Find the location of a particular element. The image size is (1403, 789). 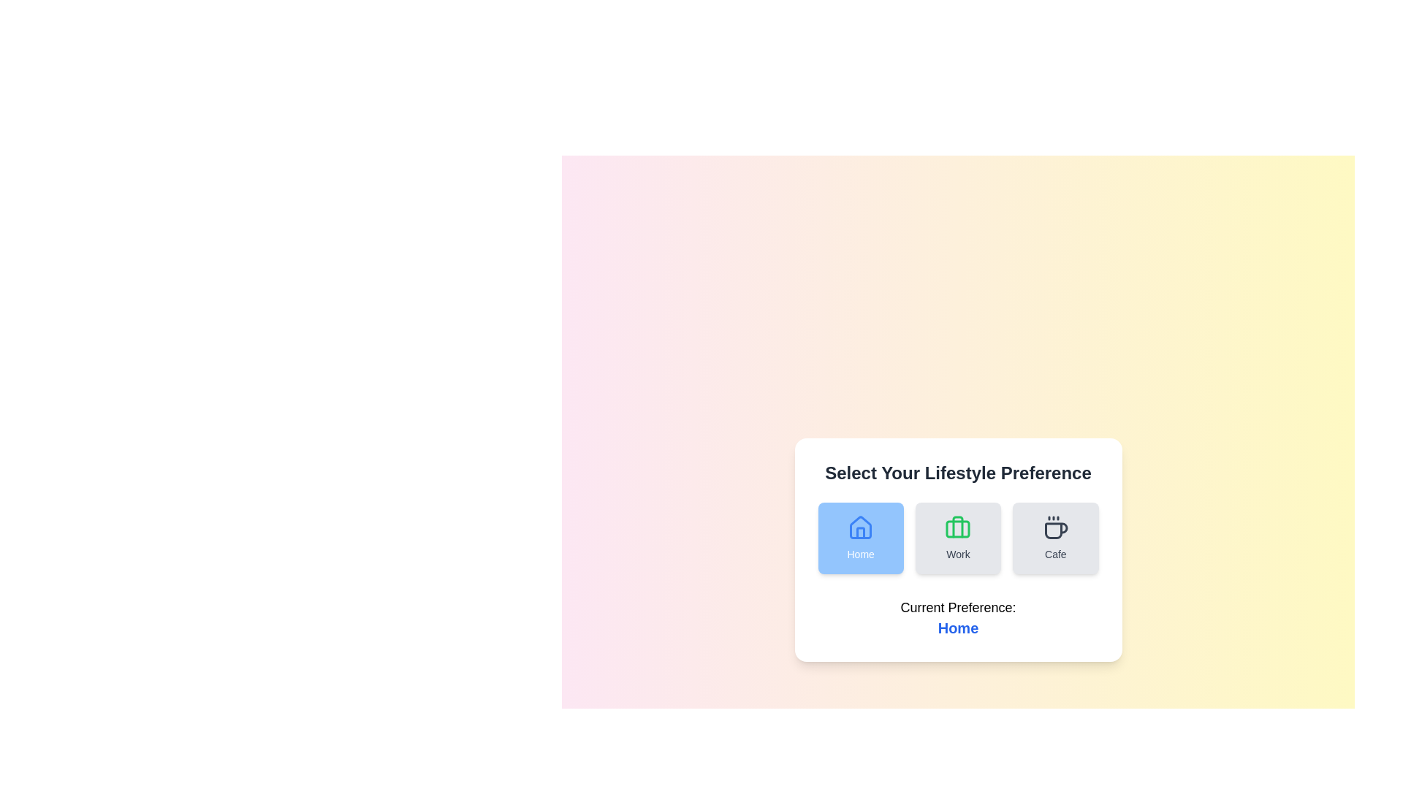

the 'Home' button which contains the house-shaped icon with a blue outline and rounded entryway is located at coordinates (861, 527).